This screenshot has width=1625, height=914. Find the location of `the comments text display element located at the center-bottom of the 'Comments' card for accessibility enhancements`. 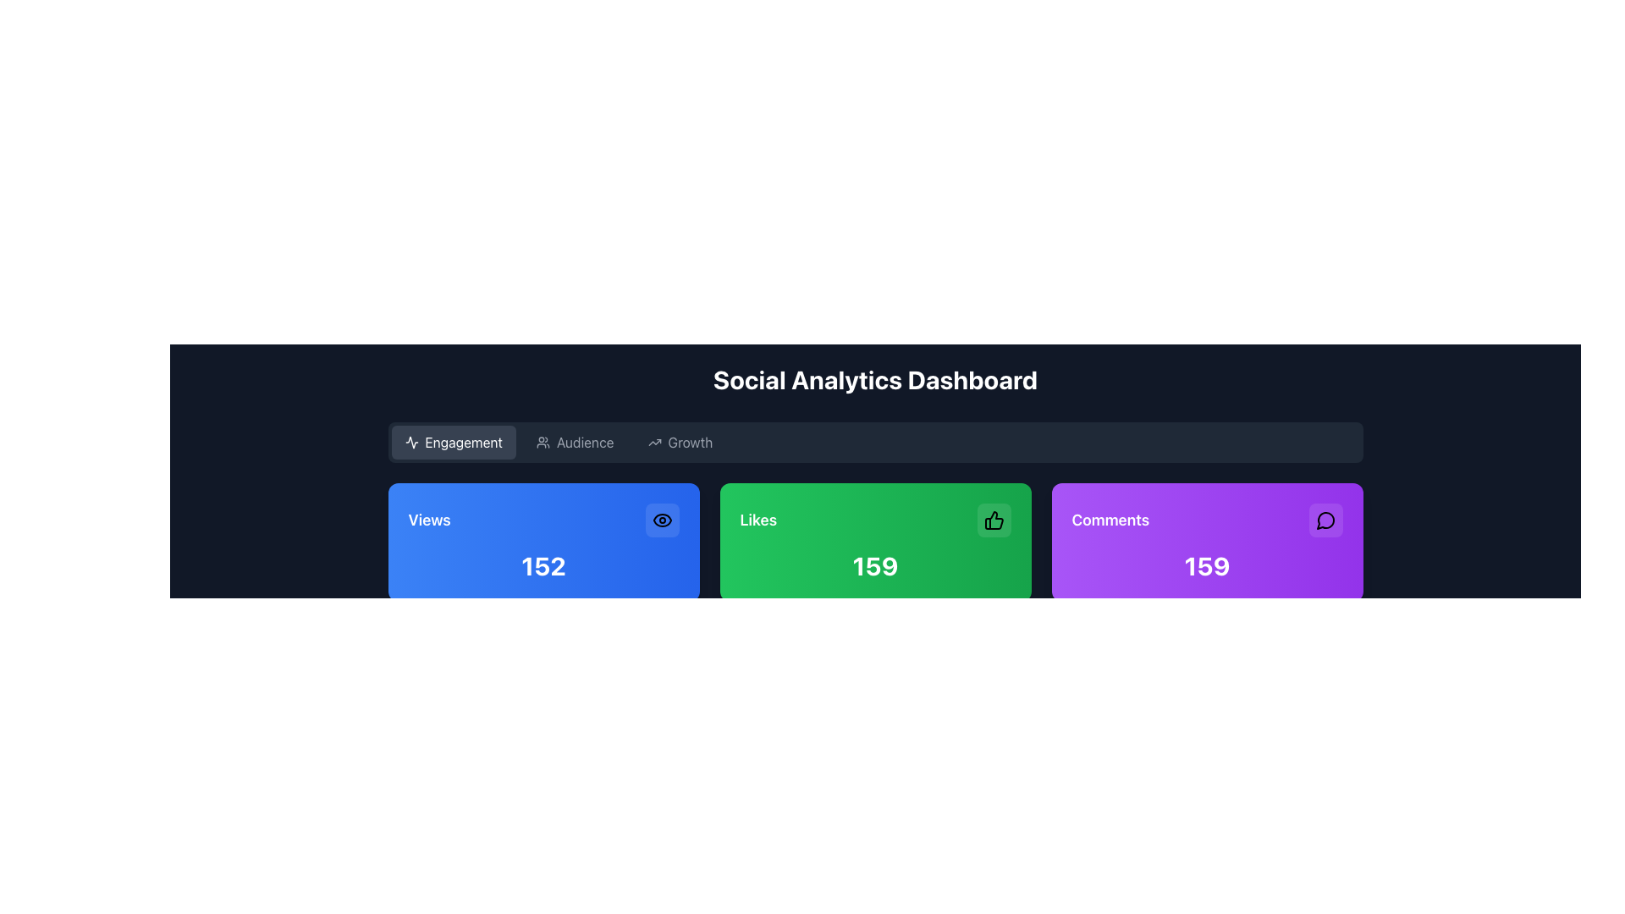

the comments text display element located at the center-bottom of the 'Comments' card for accessibility enhancements is located at coordinates (1206, 565).